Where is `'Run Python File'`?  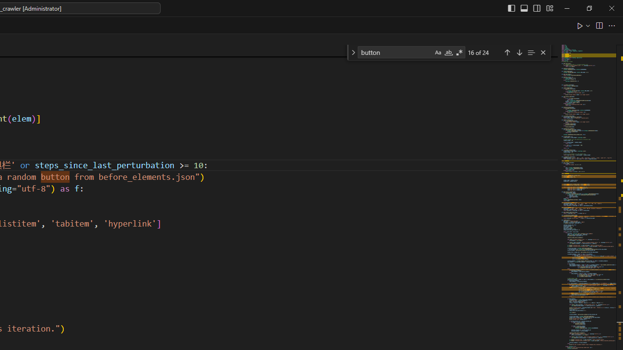 'Run Python File' is located at coordinates (580, 25).